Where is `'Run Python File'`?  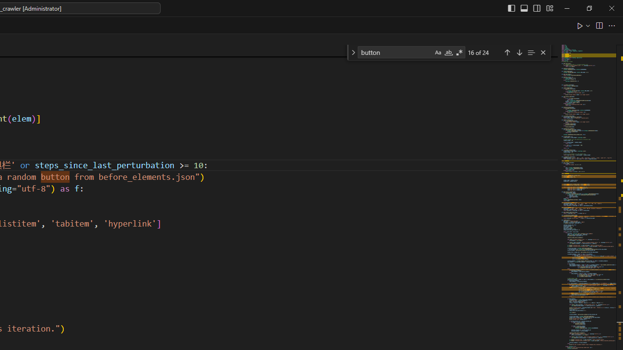 'Run Python File' is located at coordinates (580, 25).